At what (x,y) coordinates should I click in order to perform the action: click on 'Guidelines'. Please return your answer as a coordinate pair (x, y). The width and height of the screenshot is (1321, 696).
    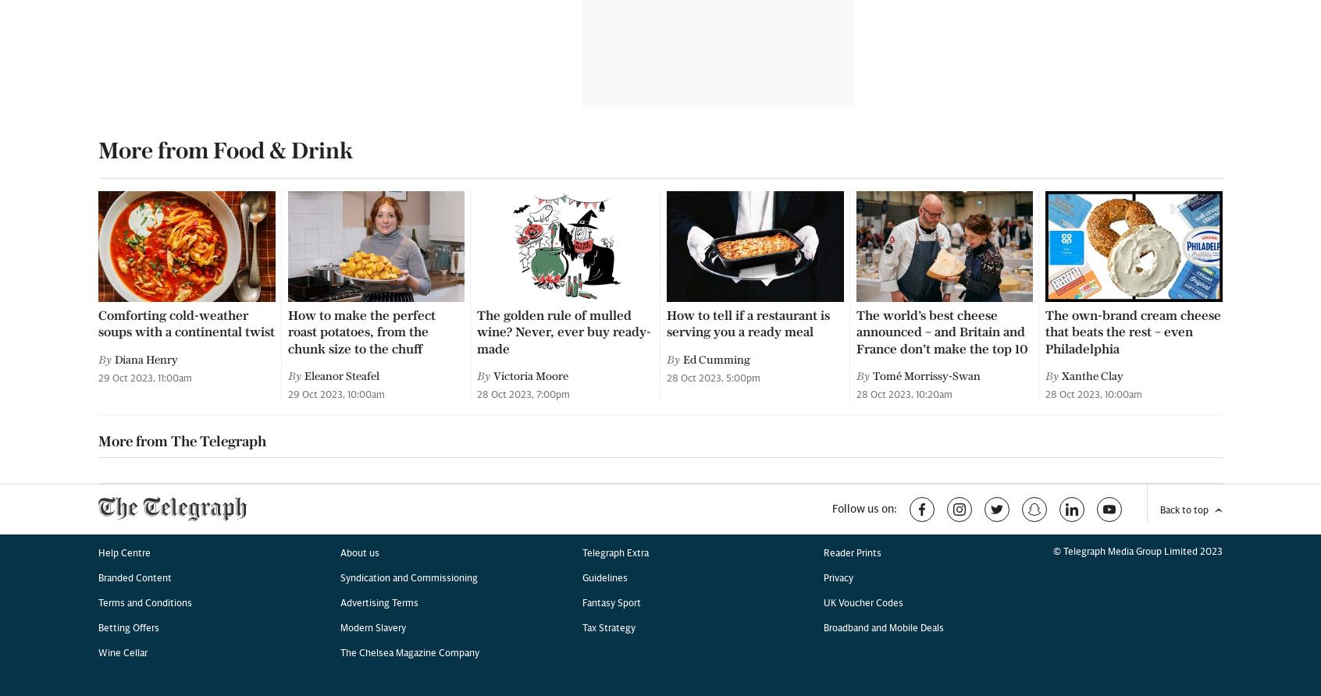
    Looking at the image, I should click on (580, 62).